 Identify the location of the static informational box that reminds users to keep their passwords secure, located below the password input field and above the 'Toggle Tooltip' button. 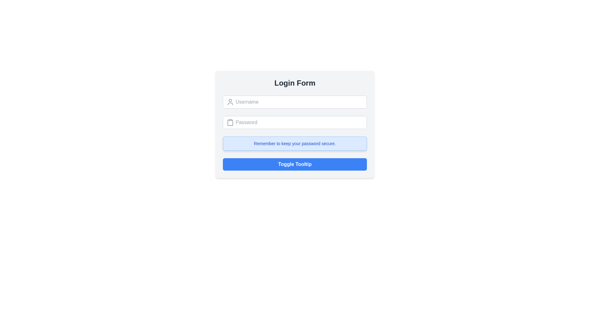
(295, 143).